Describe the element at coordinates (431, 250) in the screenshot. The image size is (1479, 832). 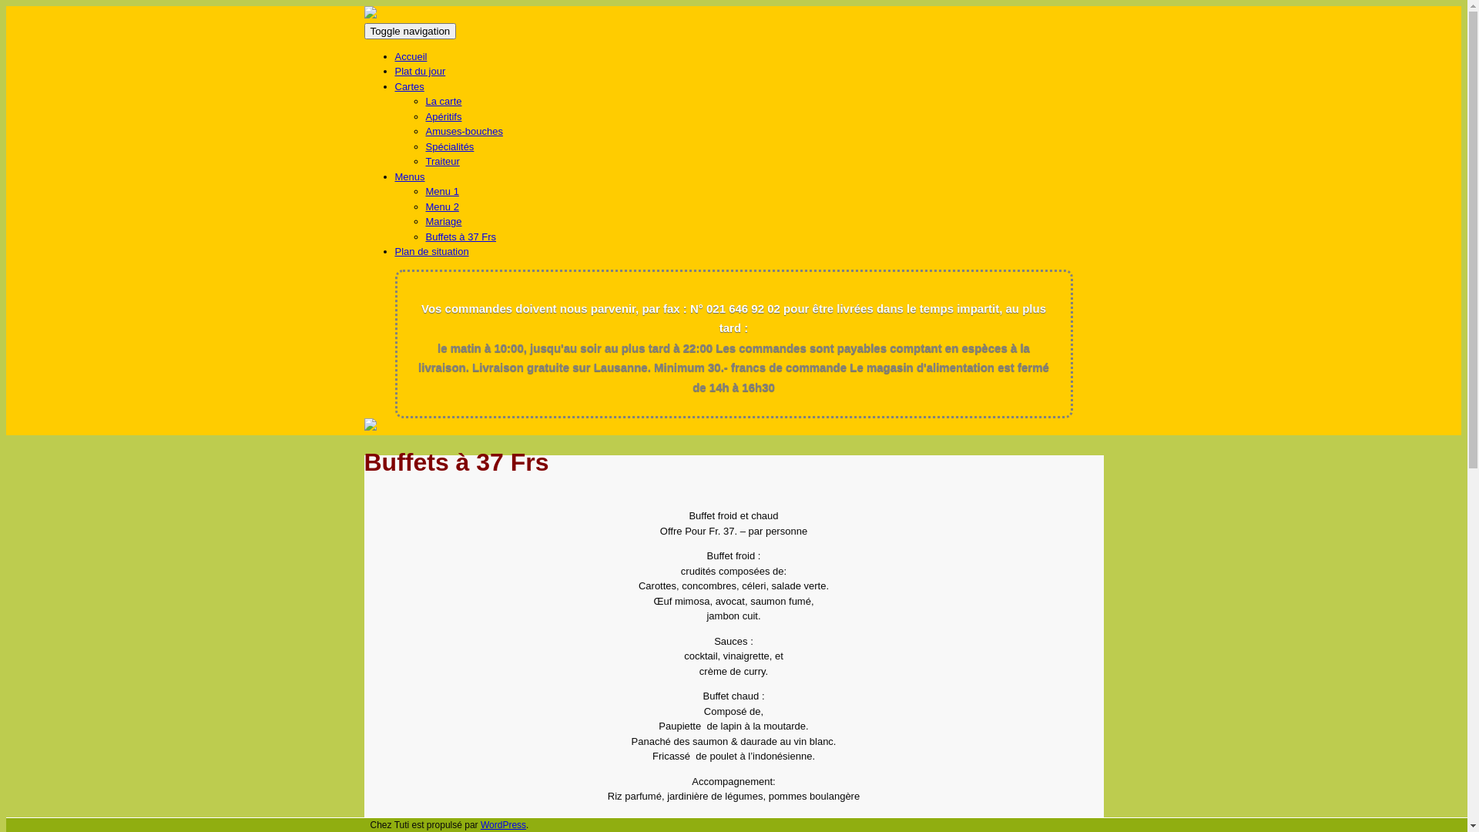
I see `'Plan de situation'` at that location.